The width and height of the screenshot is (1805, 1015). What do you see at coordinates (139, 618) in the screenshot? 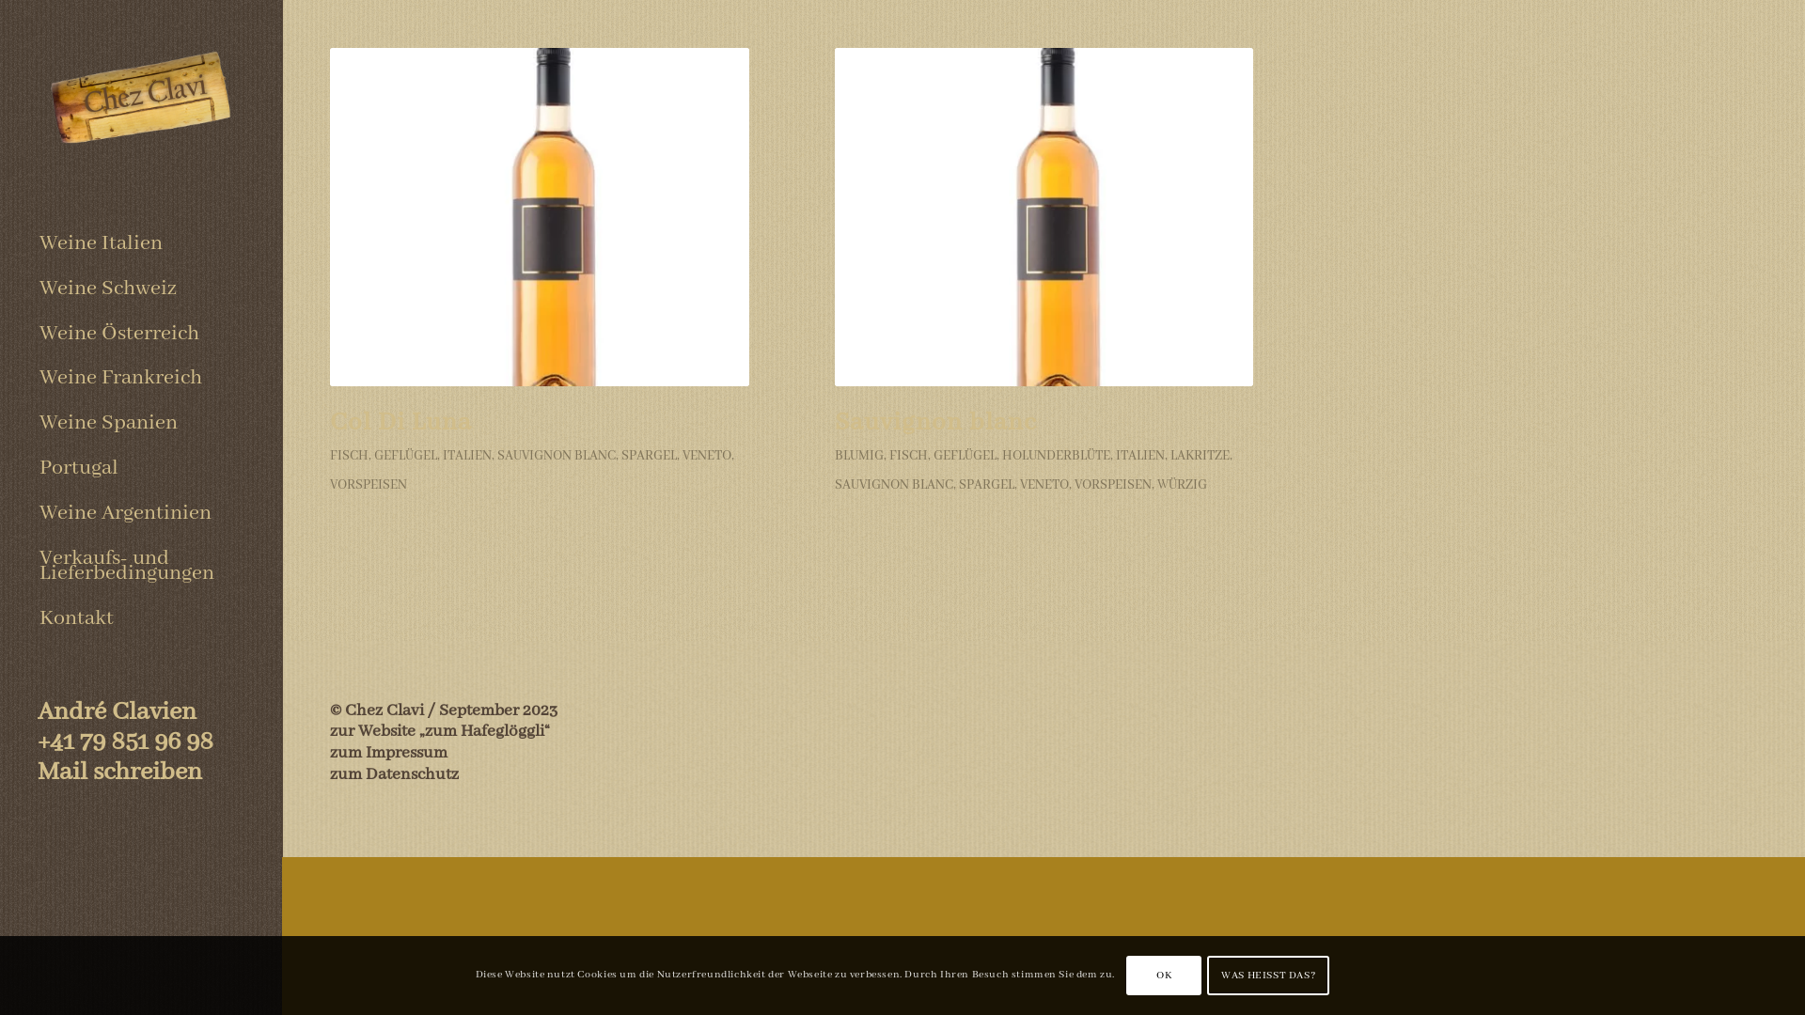
I see `'Kontakt'` at bounding box center [139, 618].